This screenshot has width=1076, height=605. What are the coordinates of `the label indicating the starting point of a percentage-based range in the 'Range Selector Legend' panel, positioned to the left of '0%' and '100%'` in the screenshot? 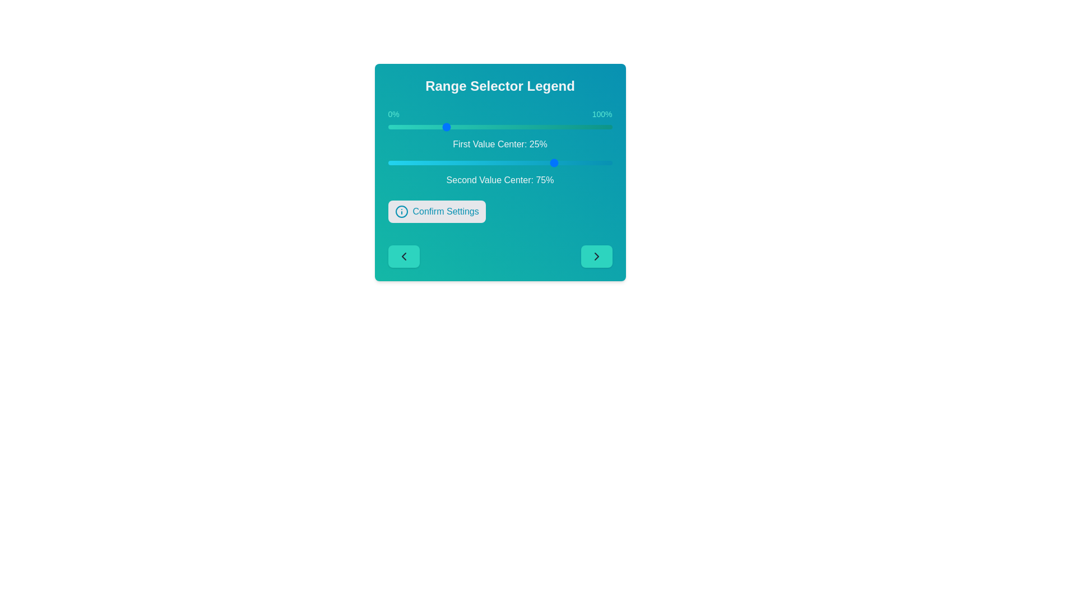 It's located at (393, 114).